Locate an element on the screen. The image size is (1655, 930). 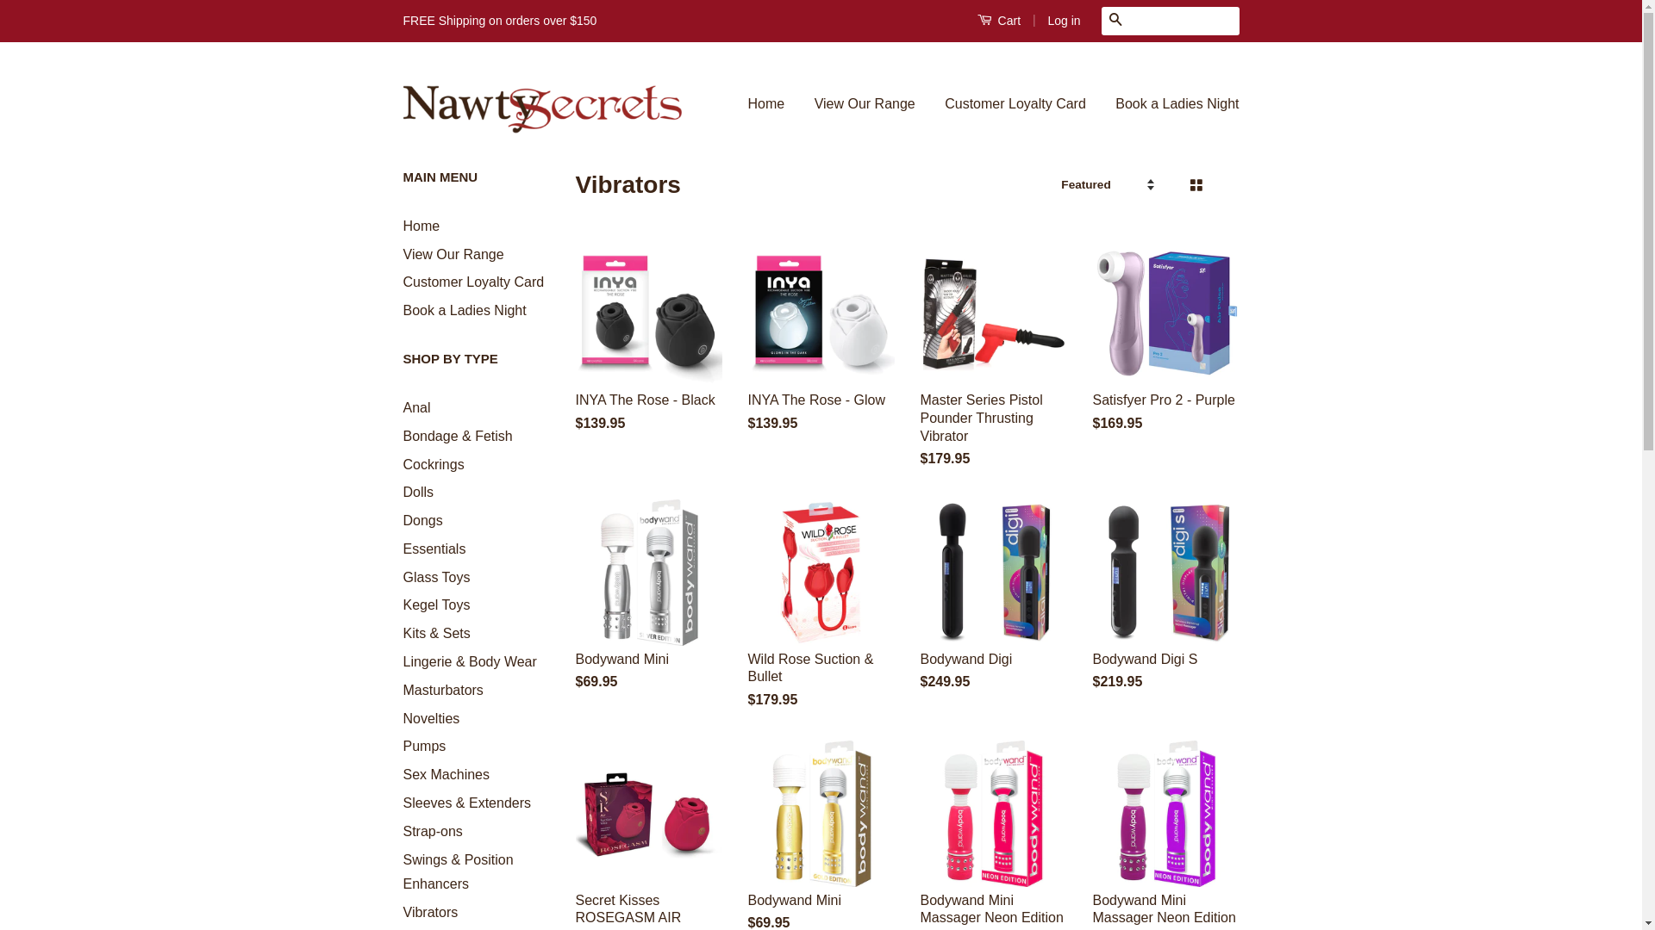
'Master Series Pistol Pounder Thrusting Vibrator is located at coordinates (993, 369).